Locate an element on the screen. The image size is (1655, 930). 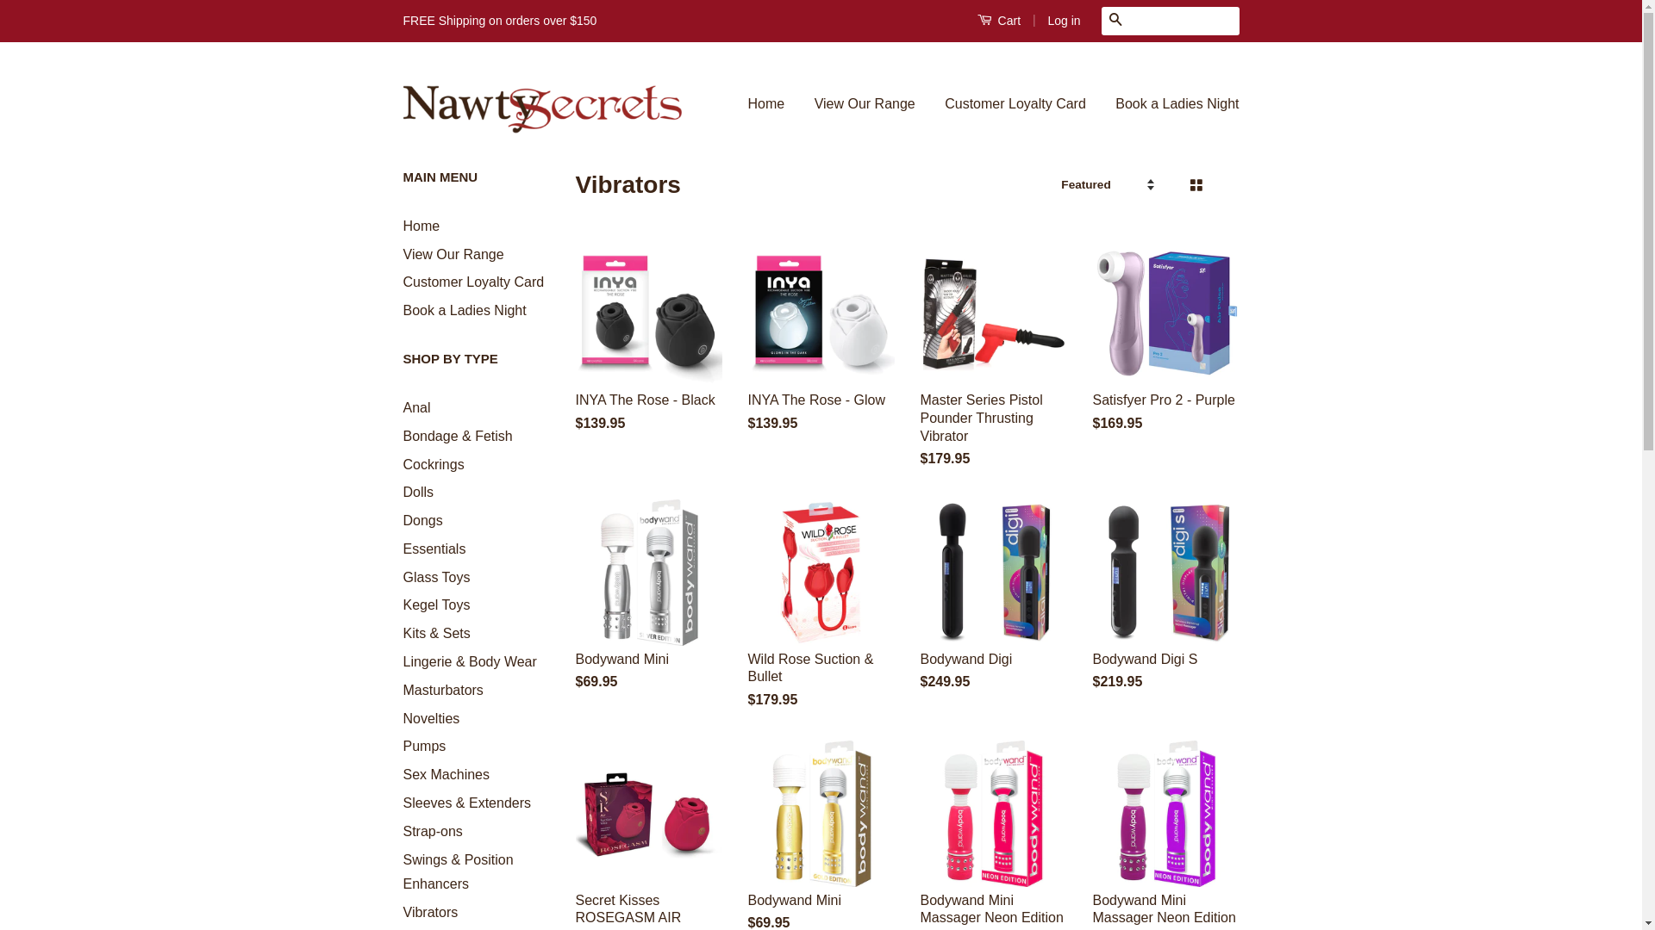
'Master Series Pistol Pounder Thrusting Vibrator is located at coordinates (993, 369).